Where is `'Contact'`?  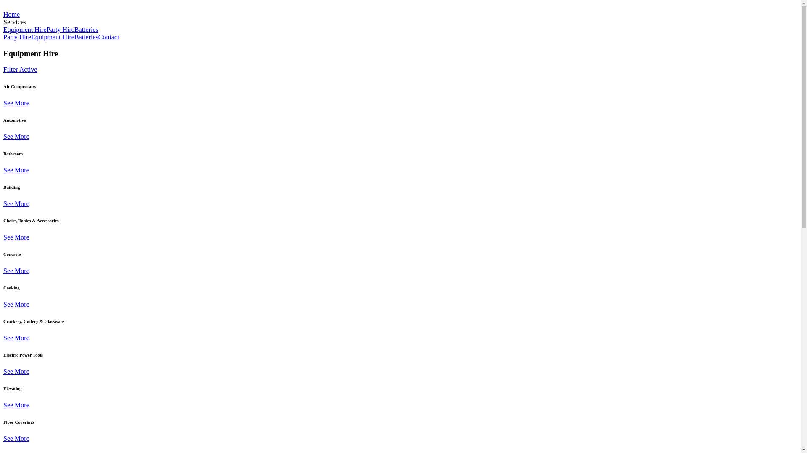
'Contact' is located at coordinates (108, 36).